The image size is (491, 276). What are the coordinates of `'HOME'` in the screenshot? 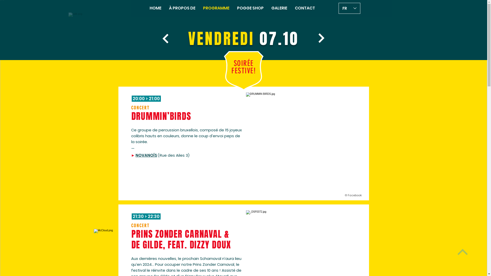 It's located at (155, 8).